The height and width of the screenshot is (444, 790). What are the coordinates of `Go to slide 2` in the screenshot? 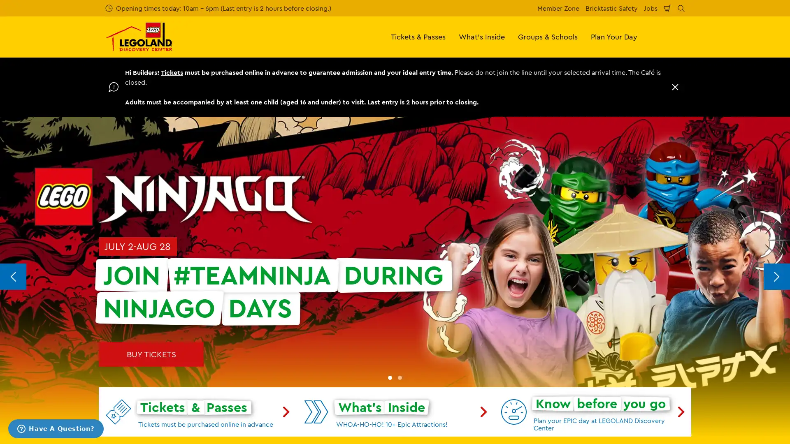 It's located at (400, 377).